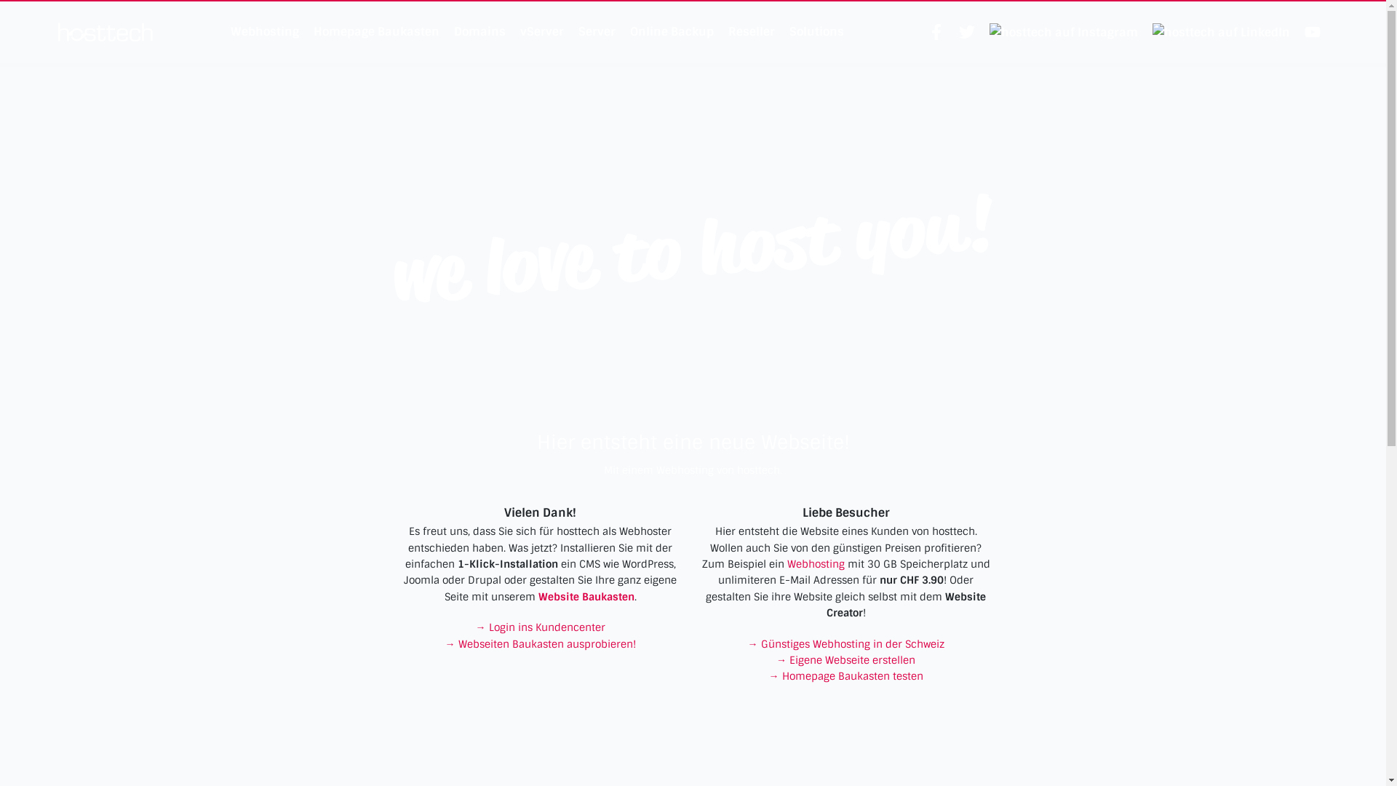 This screenshot has width=1397, height=786. I want to click on 'vServer', so click(541, 31).